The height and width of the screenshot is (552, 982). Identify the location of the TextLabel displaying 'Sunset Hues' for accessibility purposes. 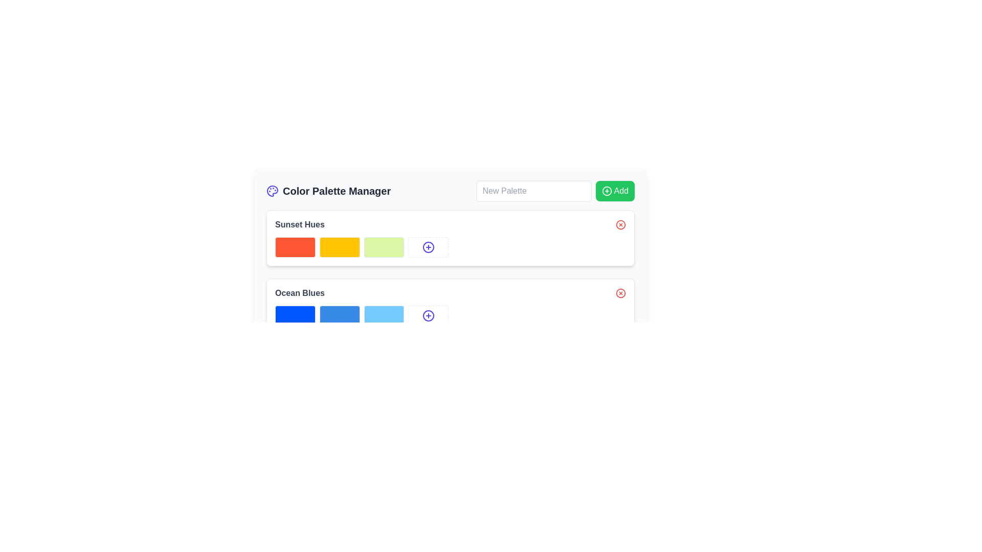
(450, 224).